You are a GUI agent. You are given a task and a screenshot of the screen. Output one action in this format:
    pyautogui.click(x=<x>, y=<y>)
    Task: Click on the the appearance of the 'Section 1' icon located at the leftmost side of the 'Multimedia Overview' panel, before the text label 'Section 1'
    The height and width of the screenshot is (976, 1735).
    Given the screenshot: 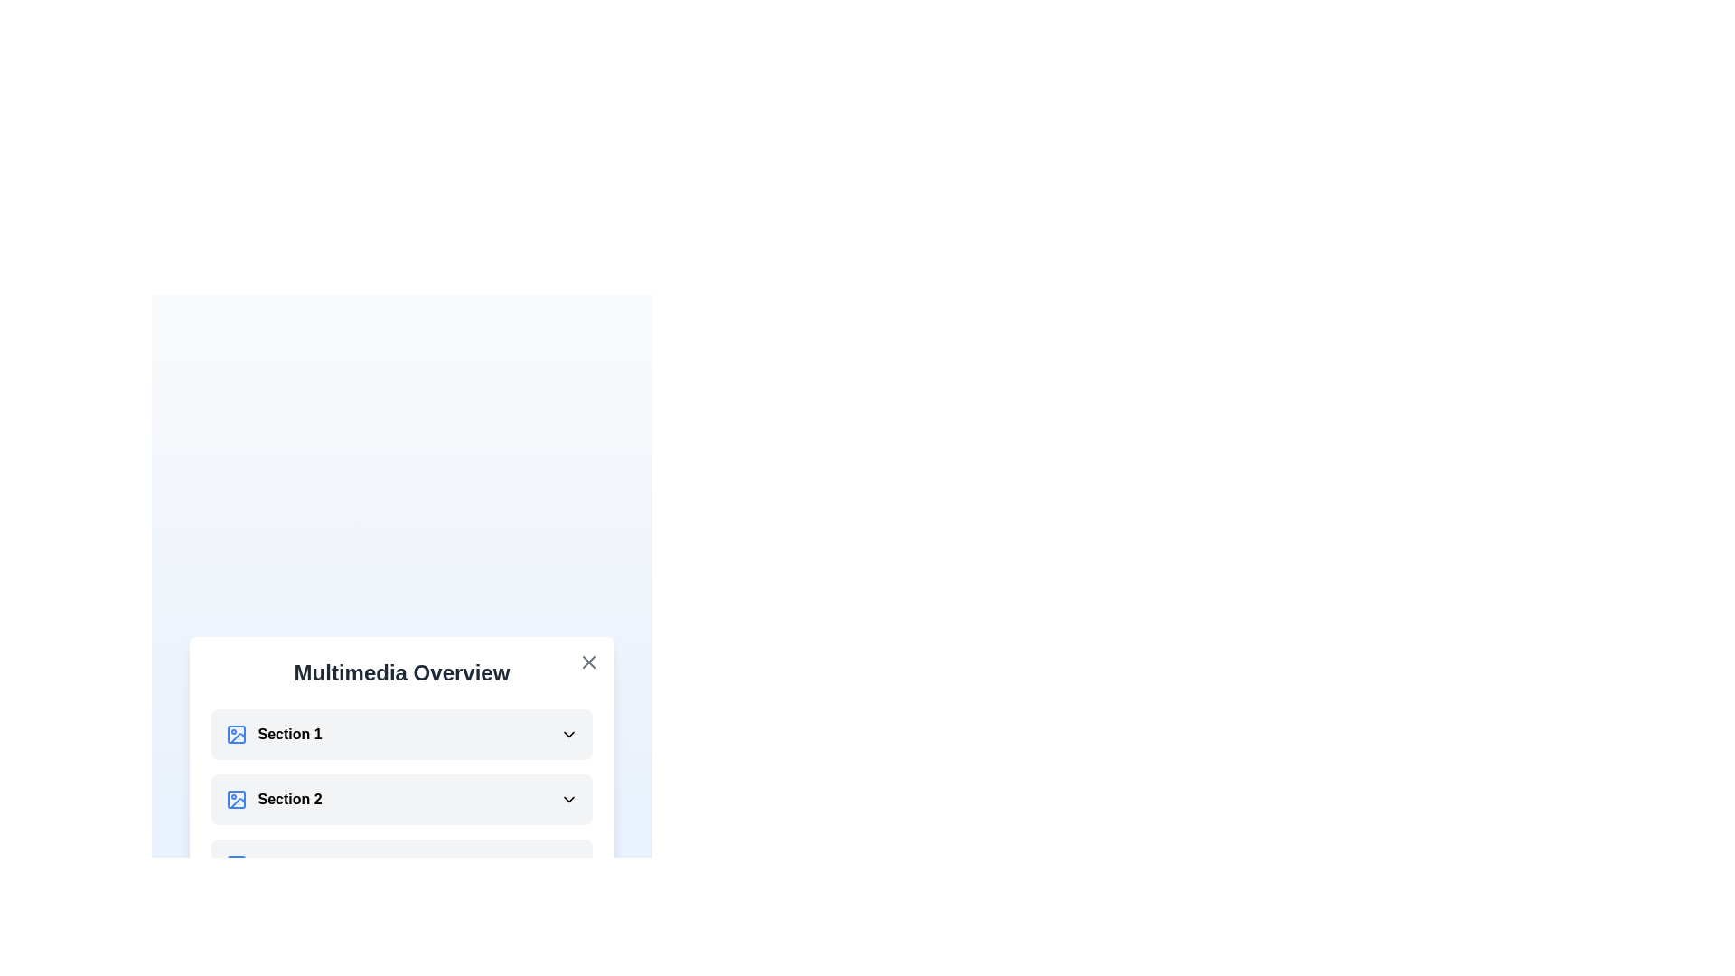 What is the action you would take?
    pyautogui.click(x=235, y=735)
    